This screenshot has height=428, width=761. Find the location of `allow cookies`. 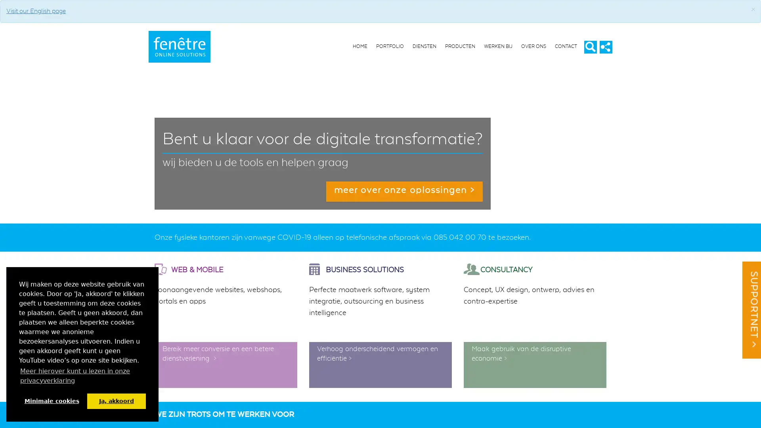

allow cookies is located at coordinates (116, 401).